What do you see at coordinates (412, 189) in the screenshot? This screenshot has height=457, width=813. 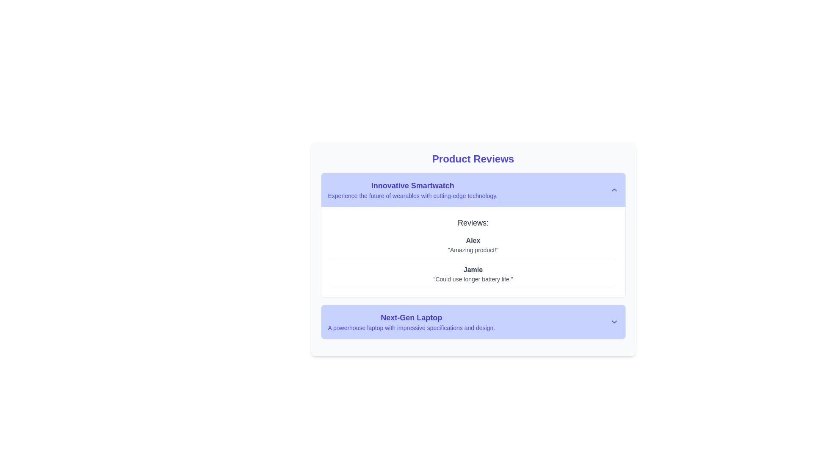 I see `text content of the title and descriptive tagline located in the central upper position of the light indigo panel above the chevron icon` at bounding box center [412, 189].